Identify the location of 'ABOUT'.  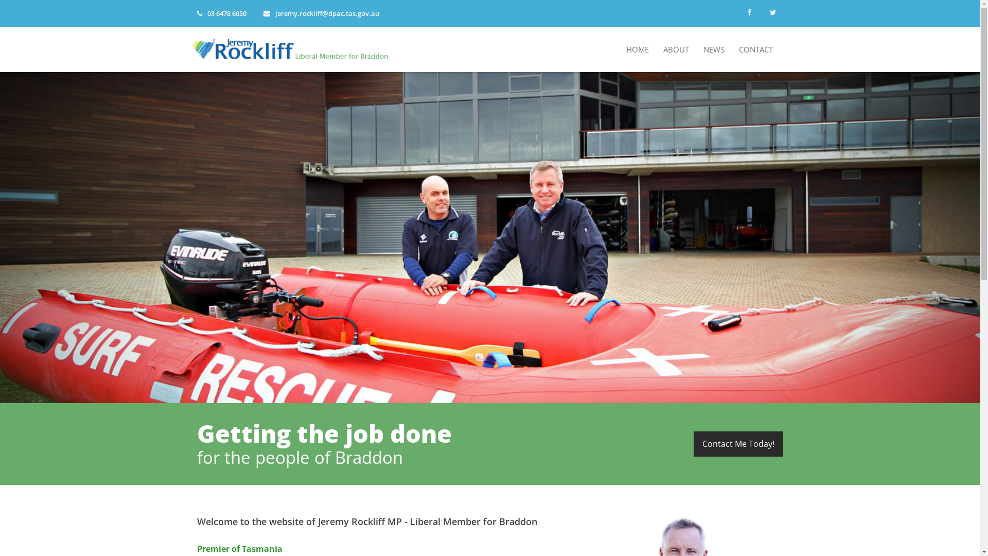
(676, 49).